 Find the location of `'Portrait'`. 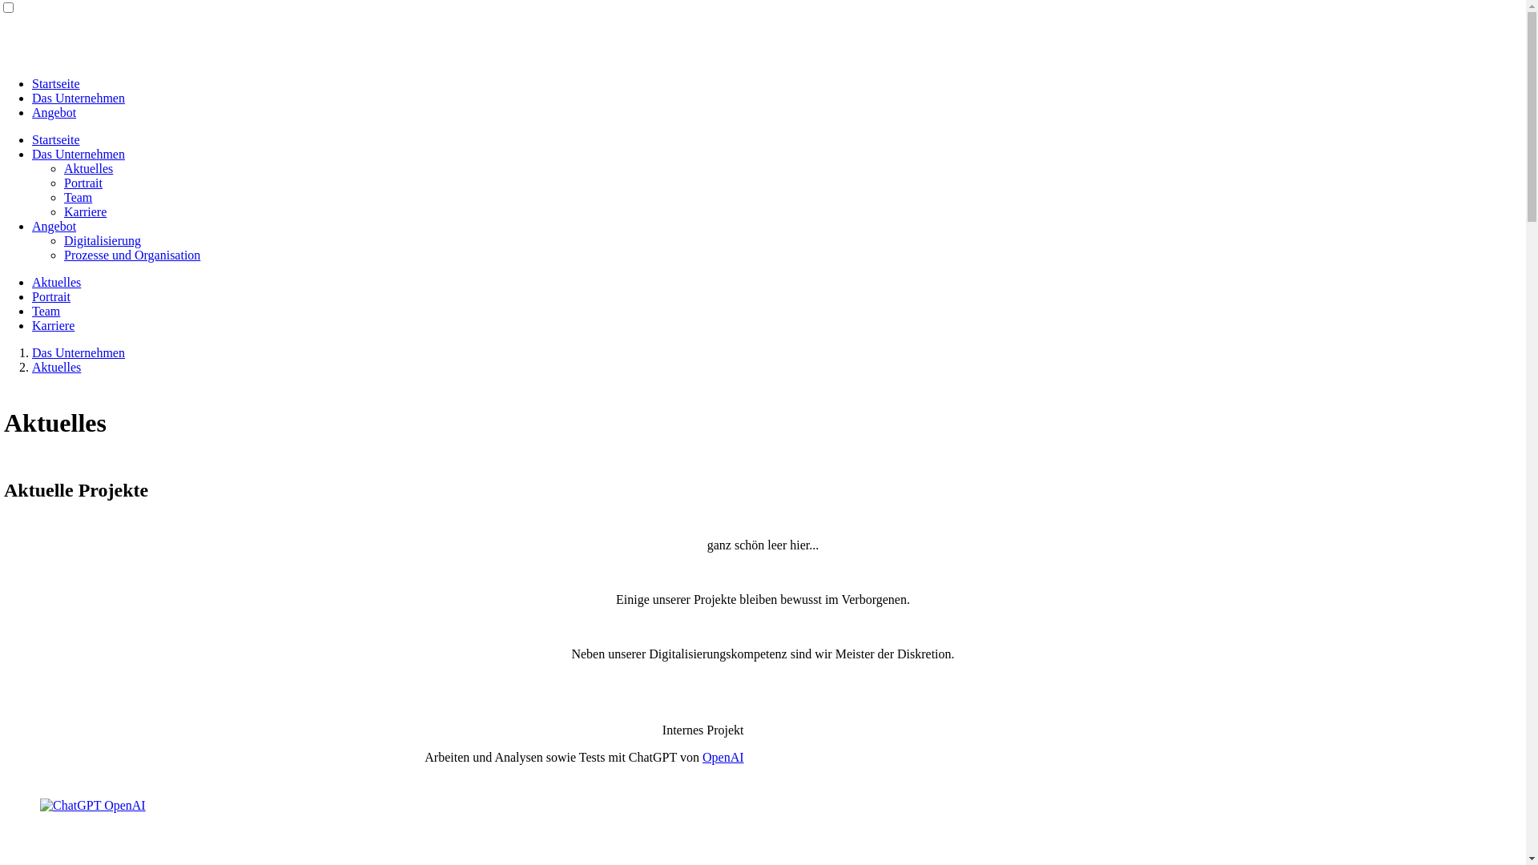

'Portrait' is located at coordinates (83, 182).